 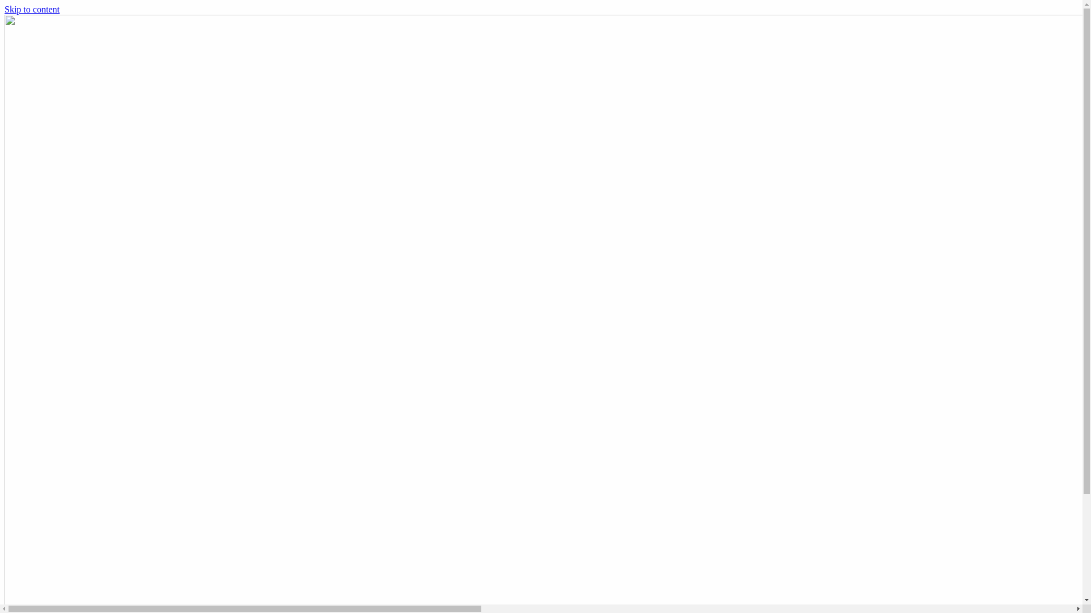 I want to click on 'Skip to content', so click(x=32, y=9).